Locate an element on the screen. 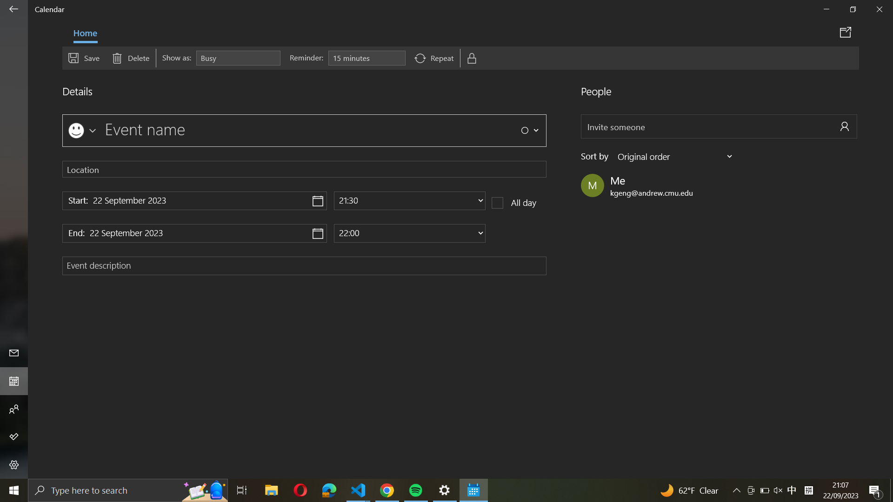  Send out the event information via email is located at coordinates (847, 32).